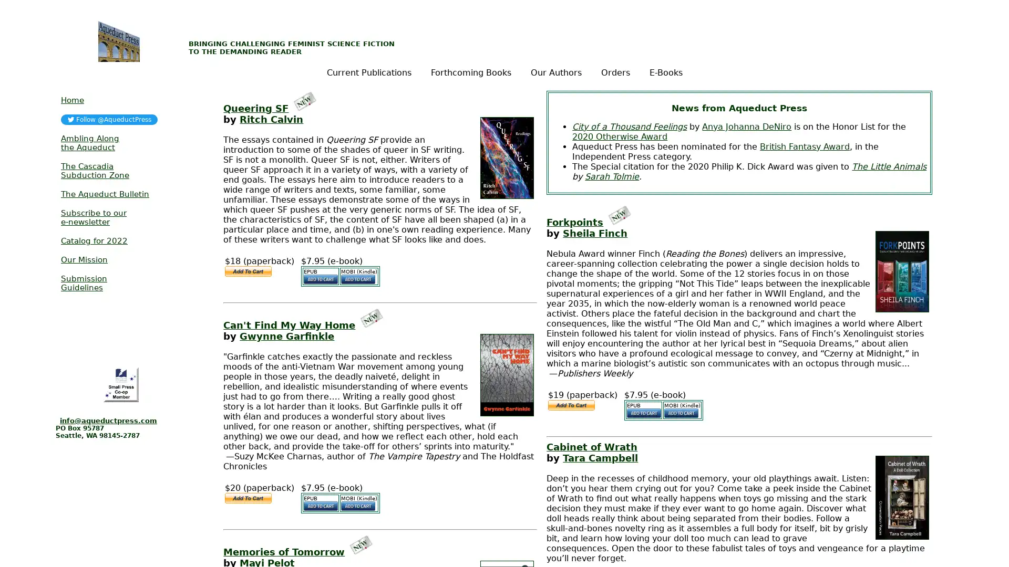 The height and width of the screenshot is (567, 1009). Describe the element at coordinates (247, 270) in the screenshot. I see `Make payments with PayPal - it\'s fast, free and secure!` at that location.